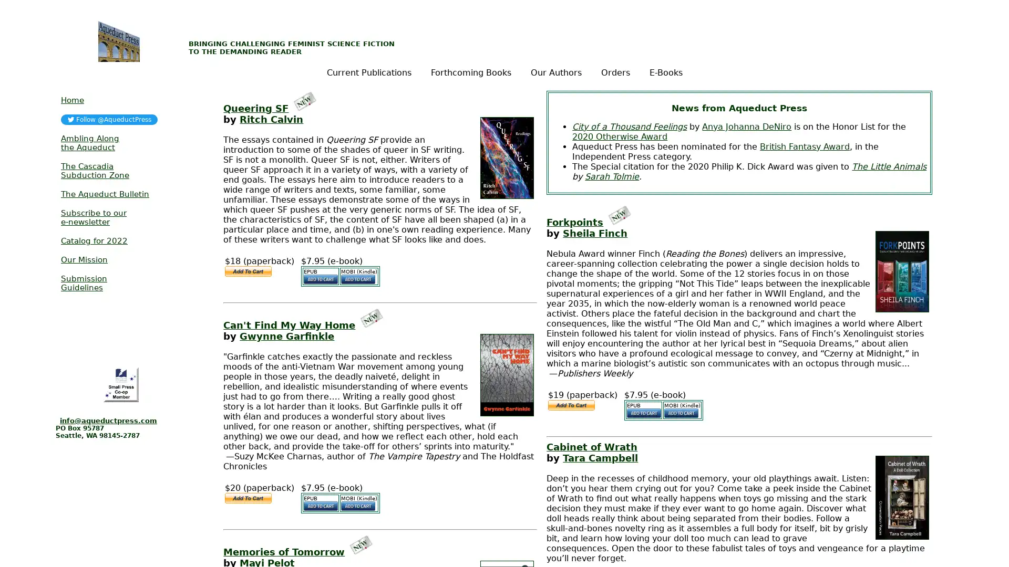 The height and width of the screenshot is (567, 1009). Describe the element at coordinates (247, 270) in the screenshot. I see `Make payments with PayPal - it\'s fast, free and secure!` at that location.